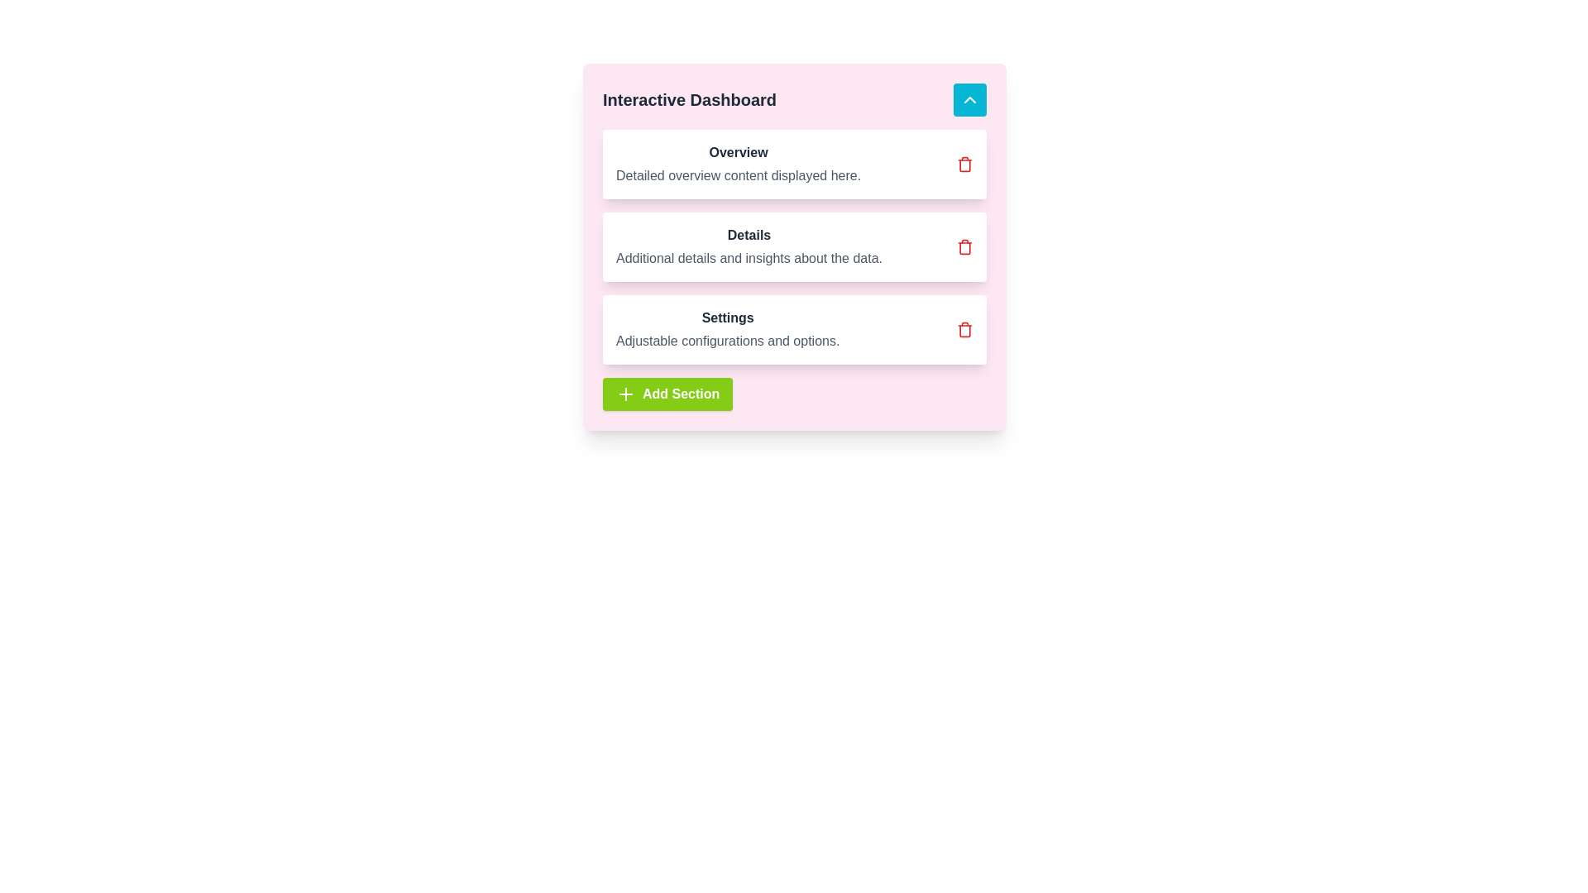  I want to click on the 'Settings' text label, which is styled with a bold font and dark gray color, positioned above the descriptive text in the third section of configurable options, so click(728, 318).